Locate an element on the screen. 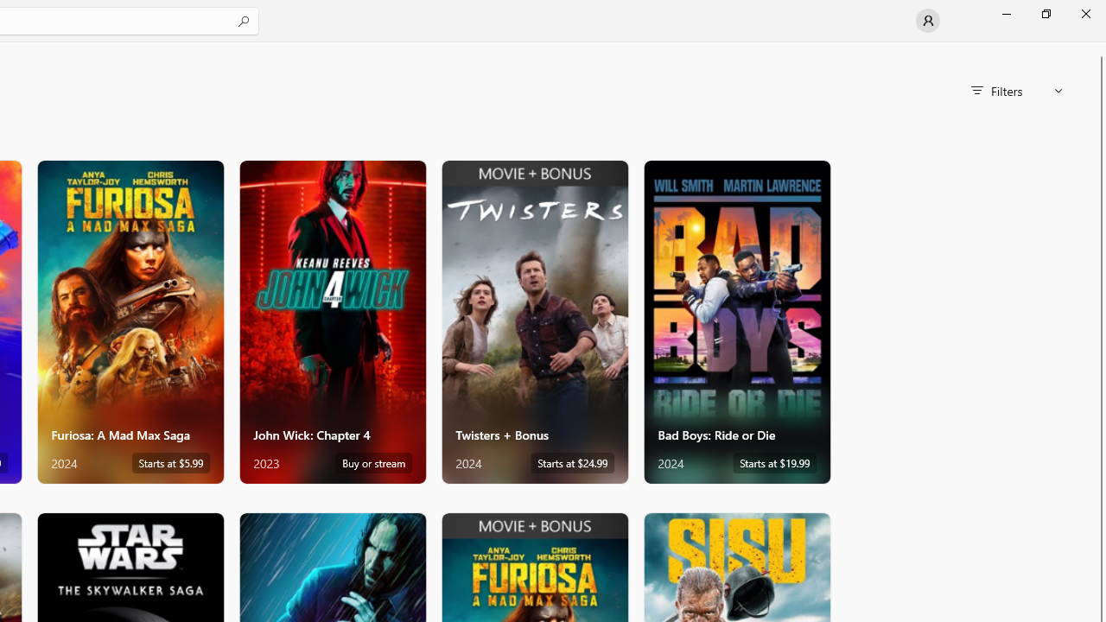 This screenshot has height=622, width=1106. 'Minimize Microsoft Store' is located at coordinates (1006, 13).